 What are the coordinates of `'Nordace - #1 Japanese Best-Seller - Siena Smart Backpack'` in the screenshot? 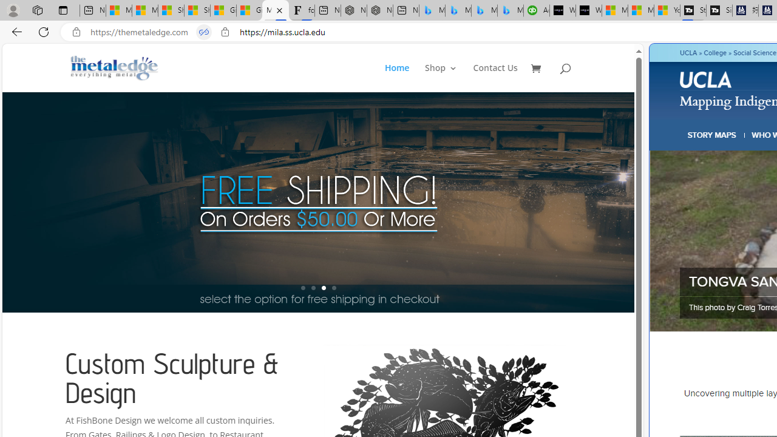 It's located at (379, 10).